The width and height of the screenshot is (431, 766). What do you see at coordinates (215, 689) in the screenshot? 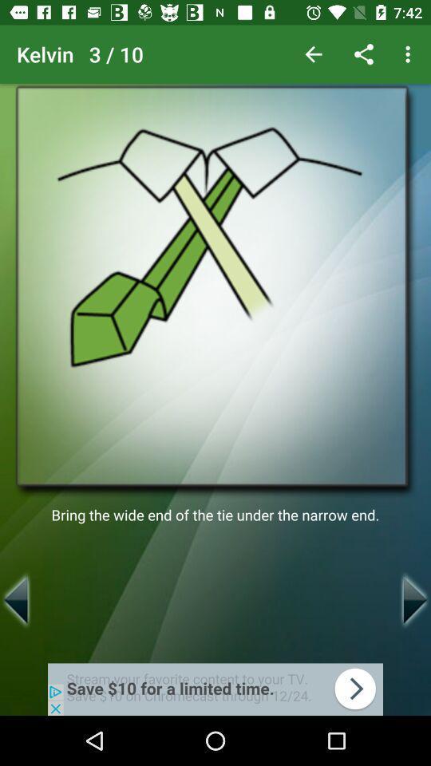
I see `advertisement for chromecast` at bounding box center [215, 689].